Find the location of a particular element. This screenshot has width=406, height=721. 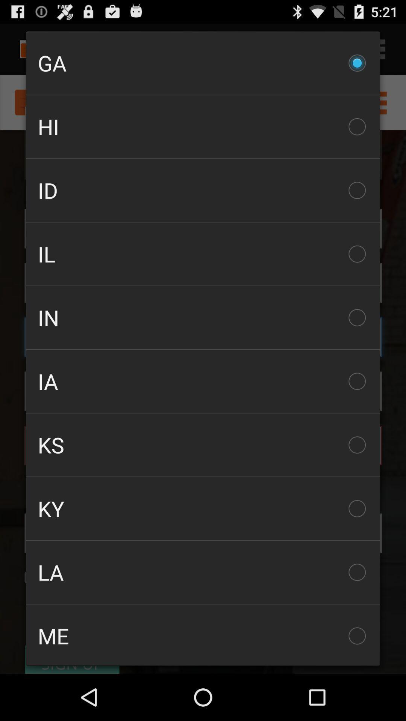

checkbox above the il icon is located at coordinates (203, 190).